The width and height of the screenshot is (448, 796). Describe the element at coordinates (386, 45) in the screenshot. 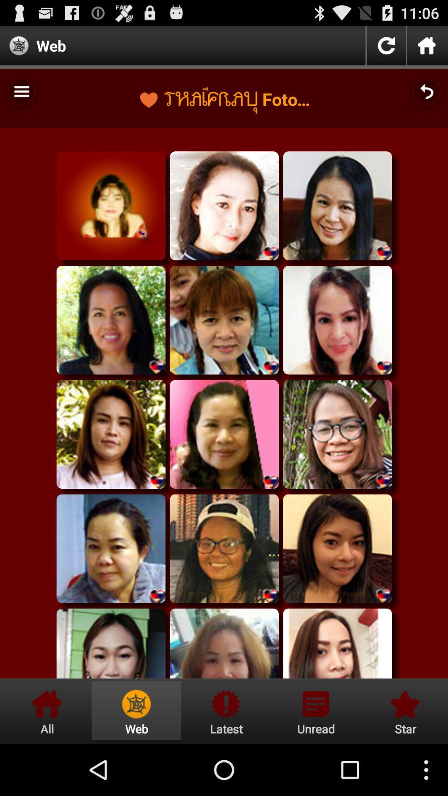

I see `refresh the page` at that location.